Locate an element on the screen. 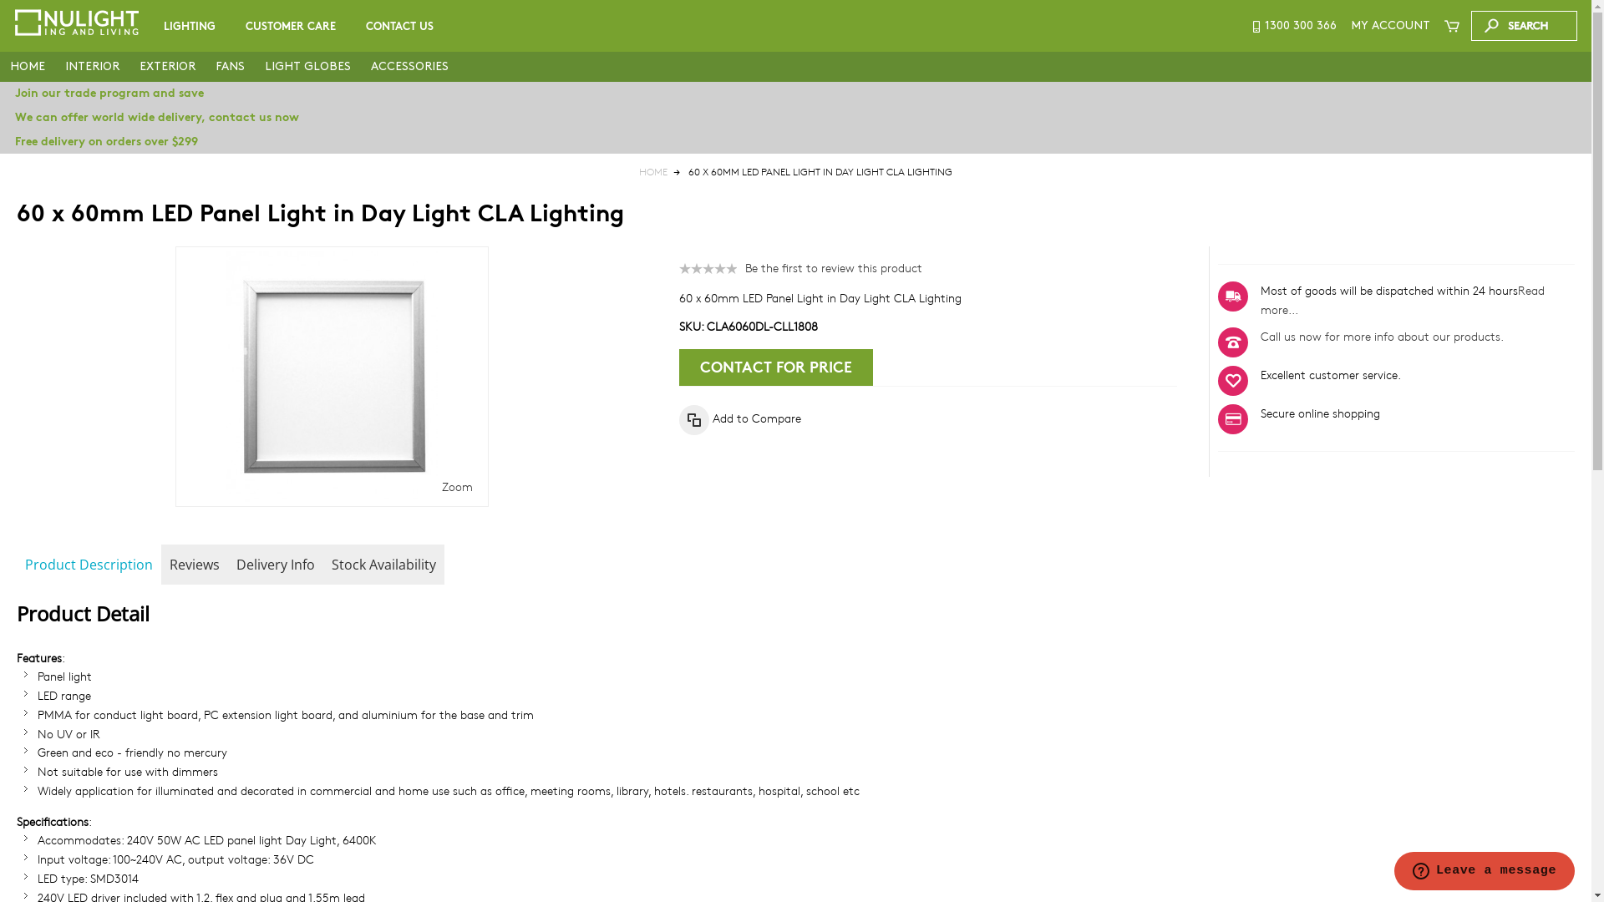 This screenshot has width=1604, height=902. 'CUSTOMER CARE' is located at coordinates (291, 26).